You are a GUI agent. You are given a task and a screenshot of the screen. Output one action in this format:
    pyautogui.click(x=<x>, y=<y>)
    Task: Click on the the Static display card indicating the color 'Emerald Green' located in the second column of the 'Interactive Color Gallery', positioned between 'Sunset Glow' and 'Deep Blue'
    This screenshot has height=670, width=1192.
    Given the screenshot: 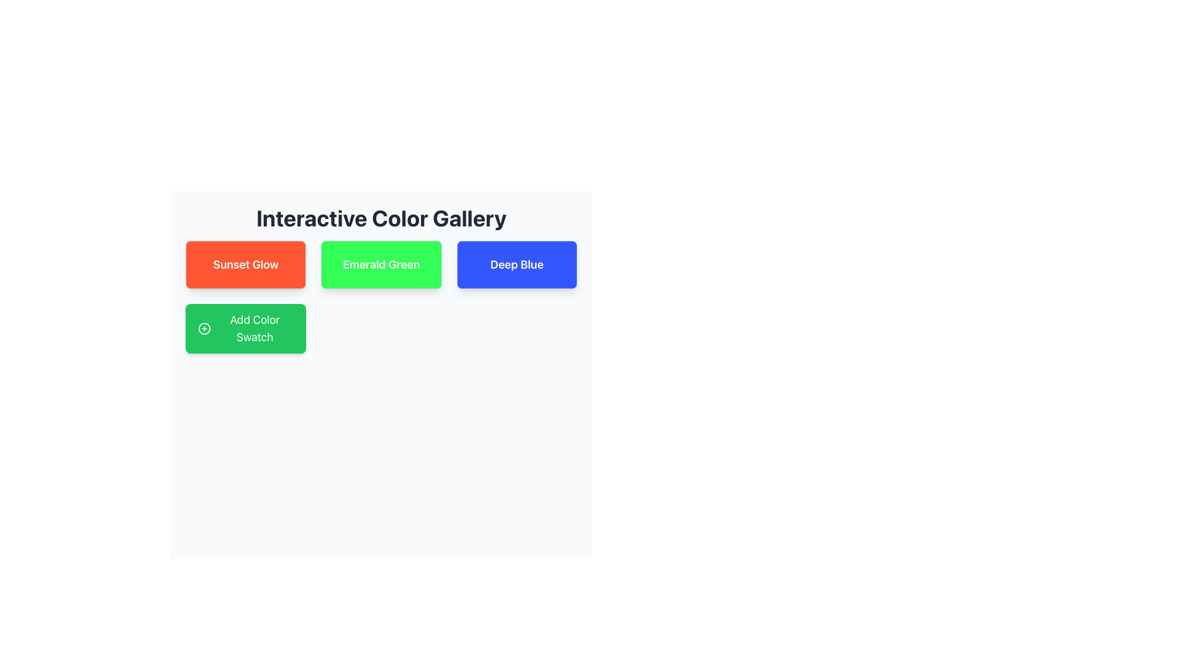 What is the action you would take?
    pyautogui.click(x=381, y=264)
    